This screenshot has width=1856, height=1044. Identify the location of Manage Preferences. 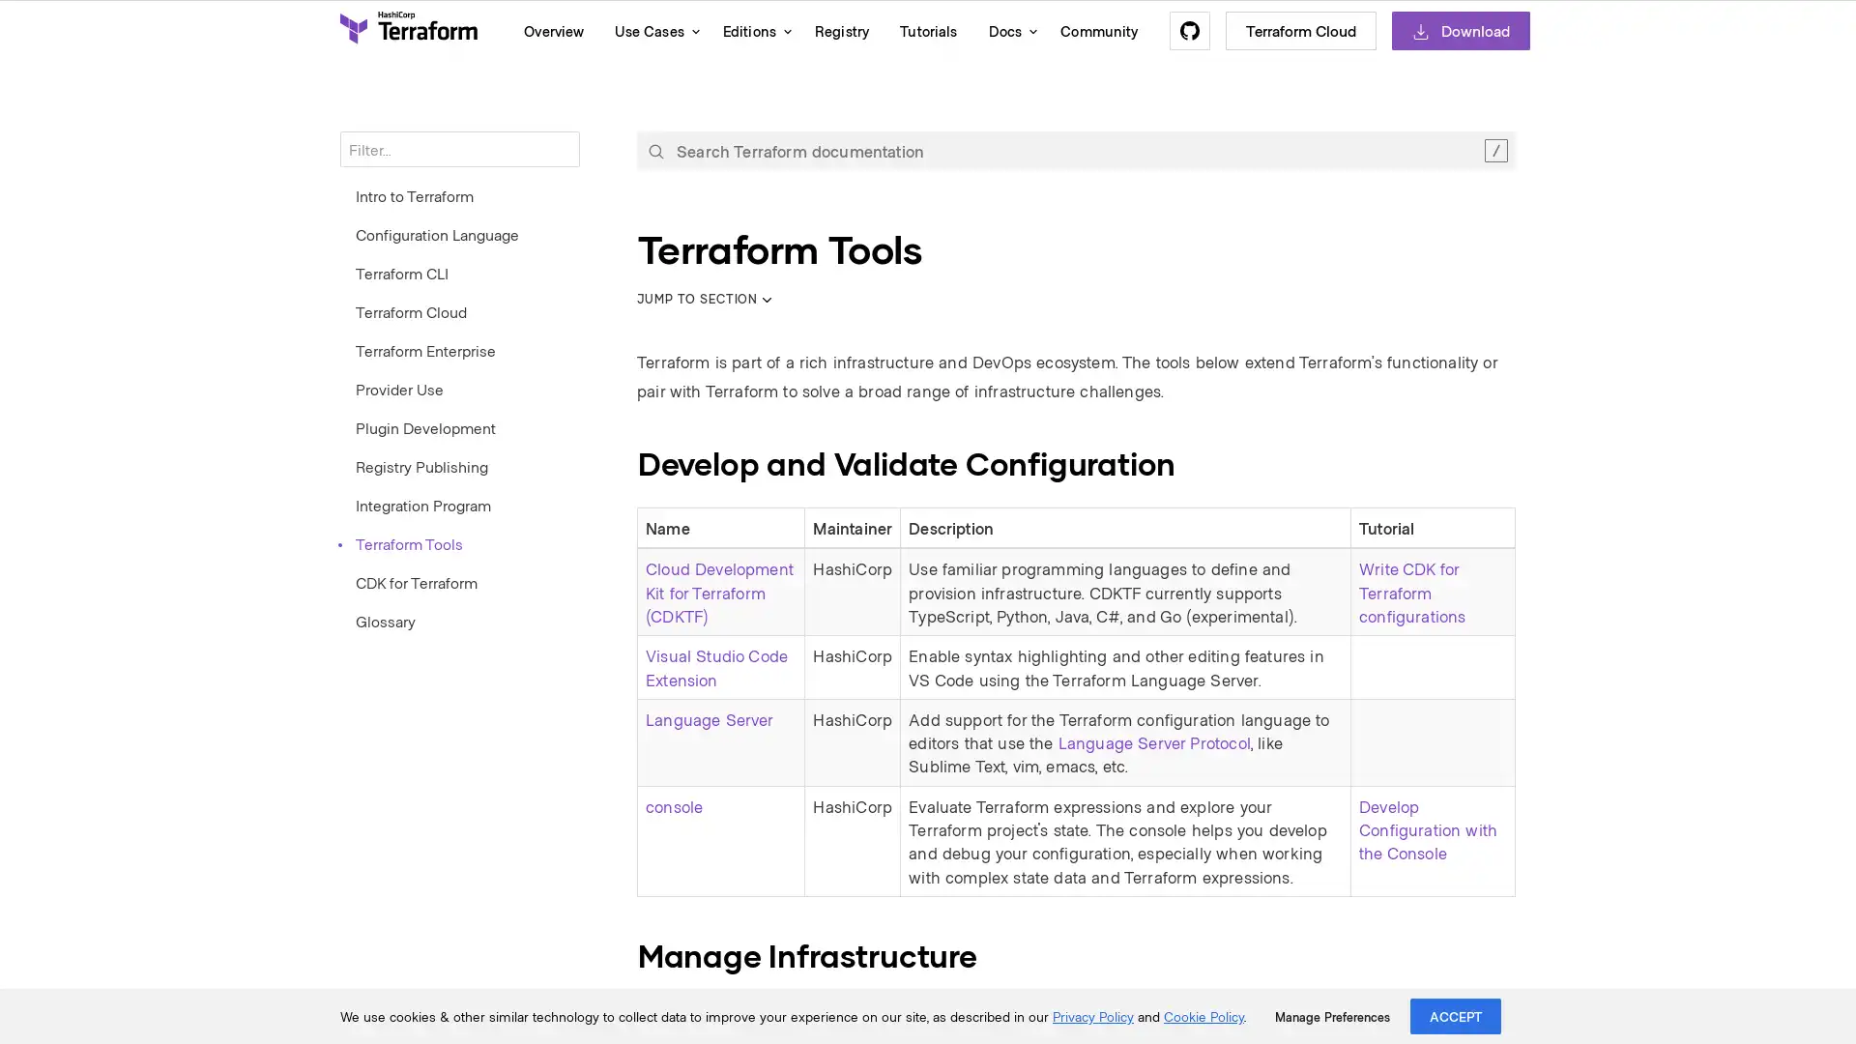
(1331, 1016).